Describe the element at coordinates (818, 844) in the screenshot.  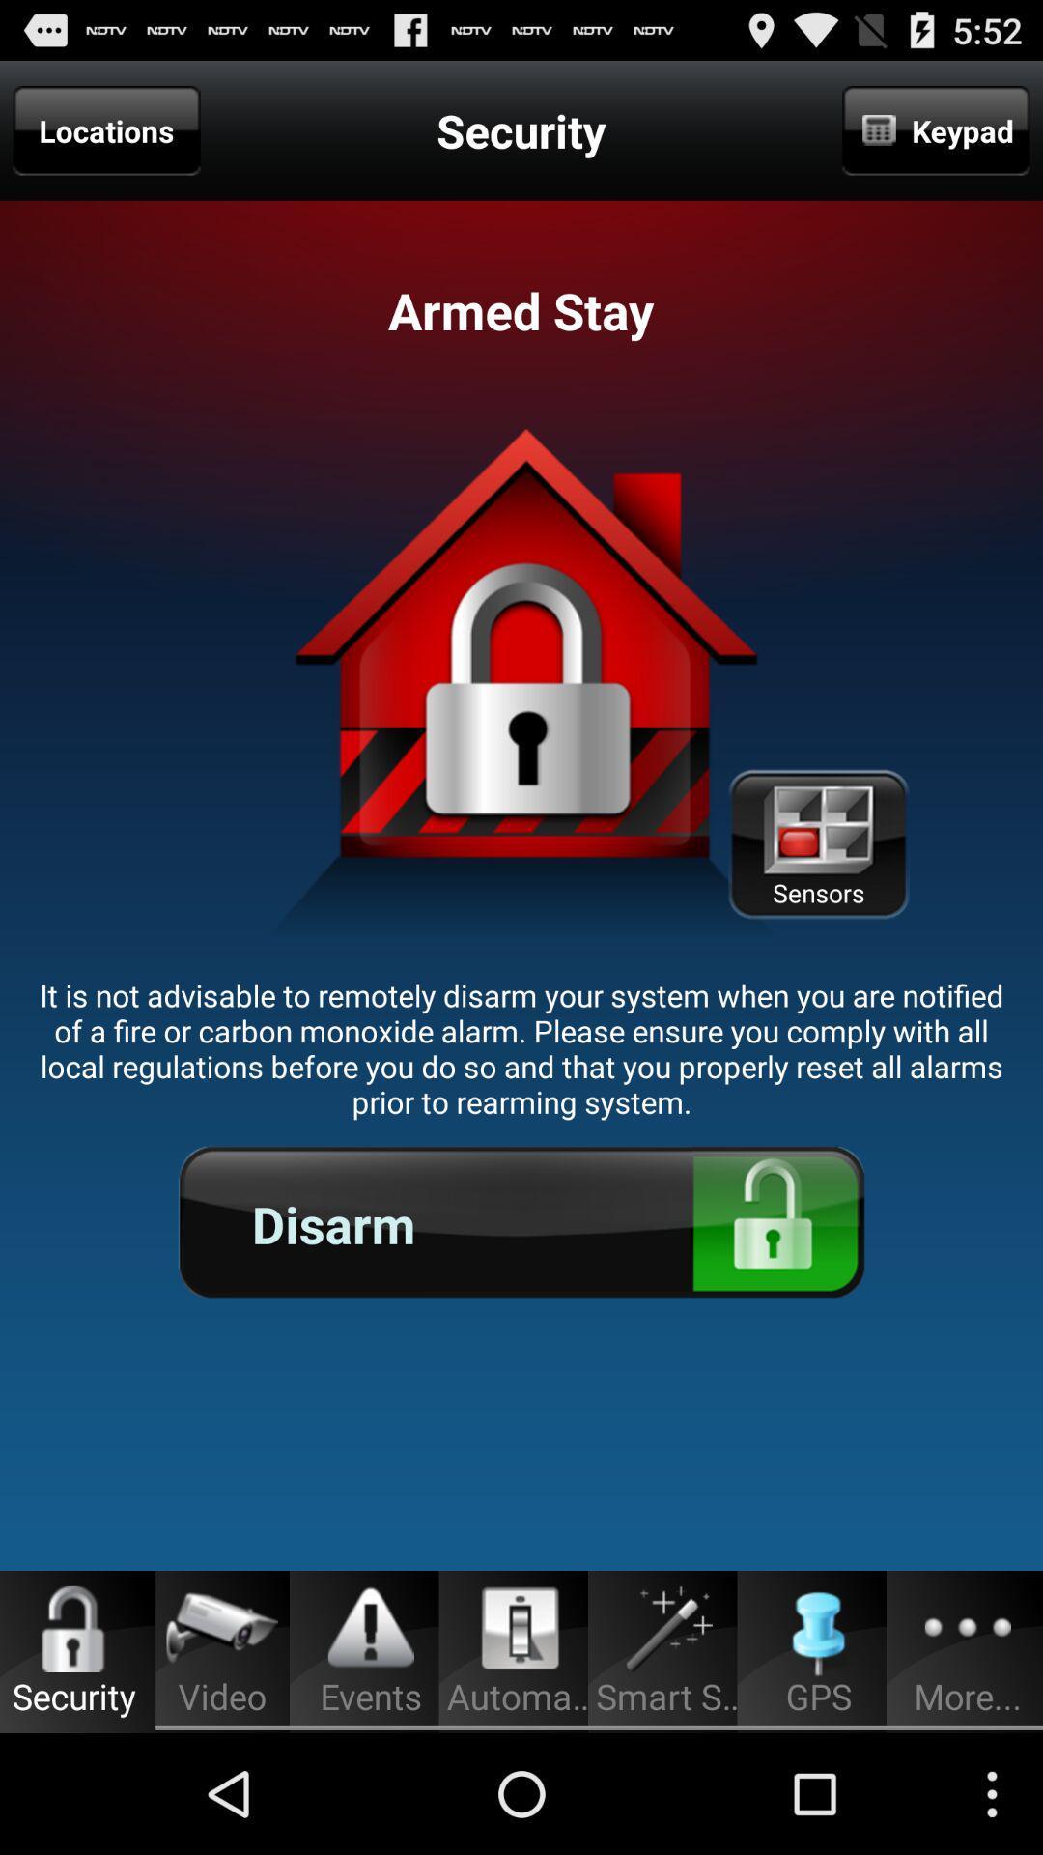
I see `sensors` at that location.